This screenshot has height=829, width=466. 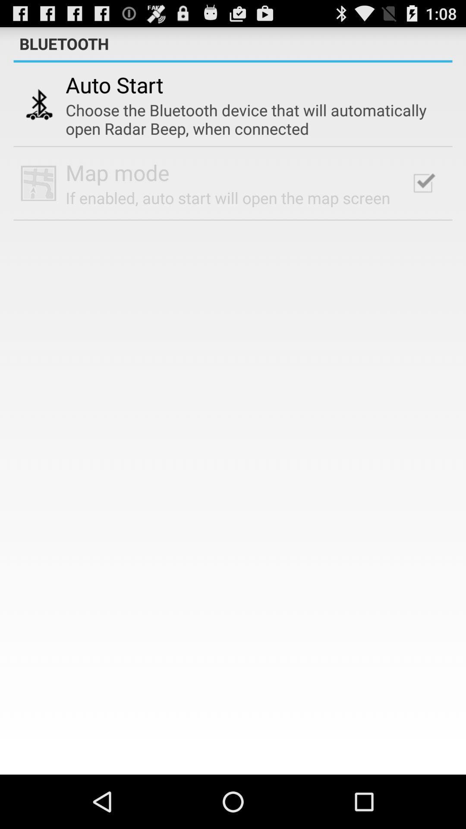 What do you see at coordinates (233, 61) in the screenshot?
I see `the icon above auto start icon` at bounding box center [233, 61].